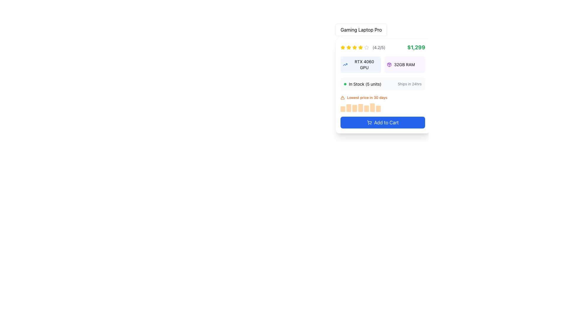  I want to click on the fourth vertical visual data bar located below the 'Lowest price in 30 days' text, so click(360, 108).